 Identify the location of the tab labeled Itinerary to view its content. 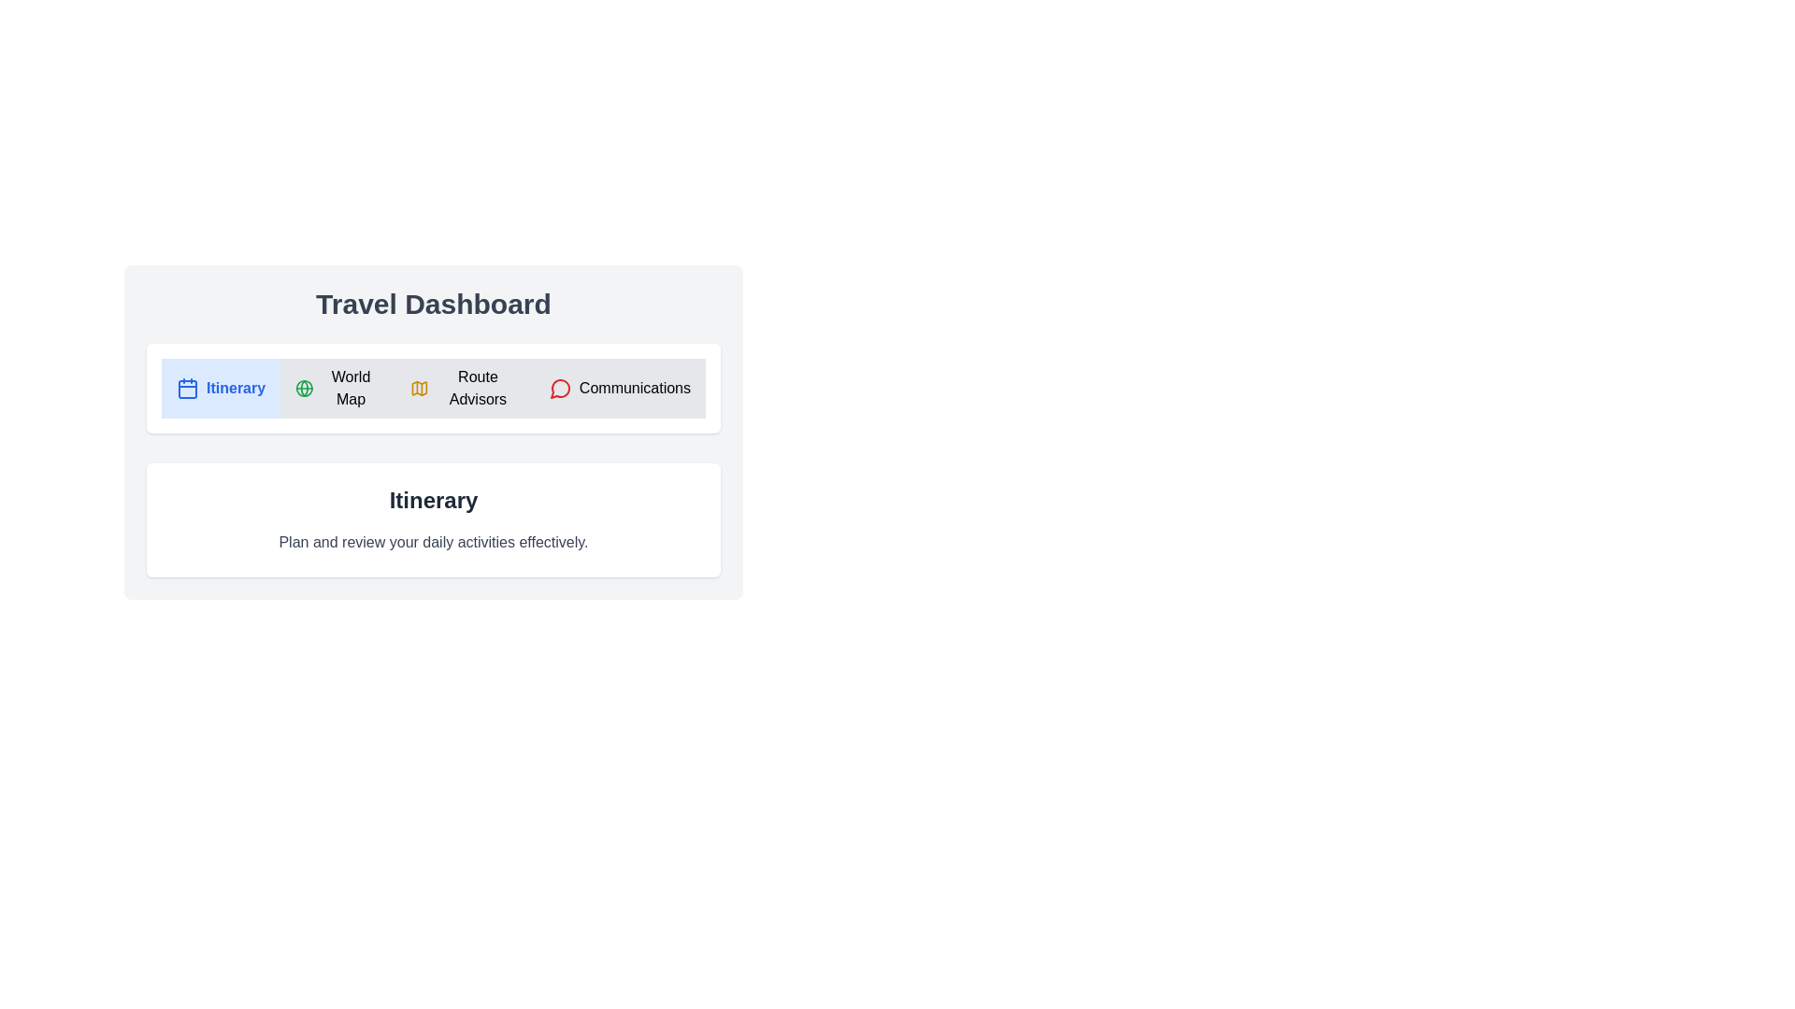
(221, 388).